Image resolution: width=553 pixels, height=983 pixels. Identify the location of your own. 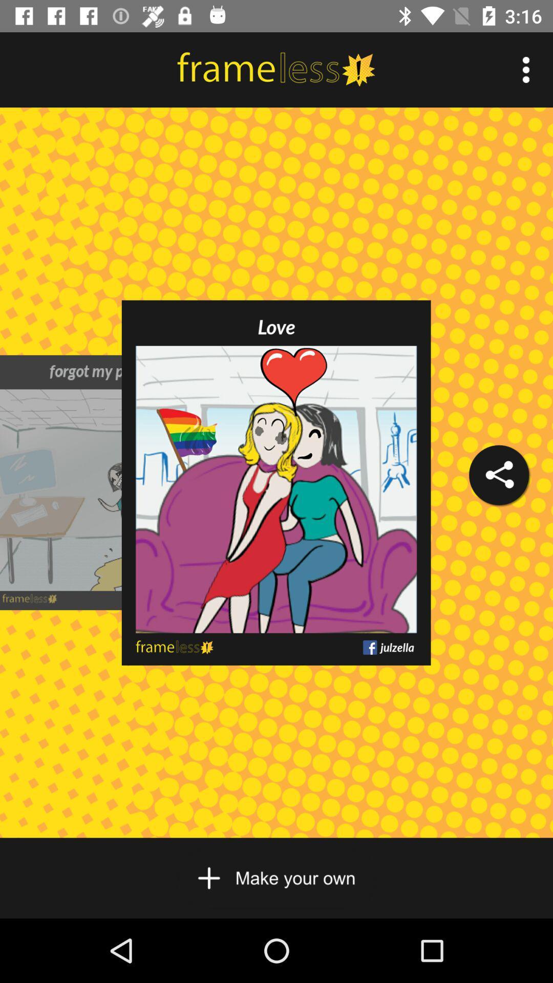
(275, 878).